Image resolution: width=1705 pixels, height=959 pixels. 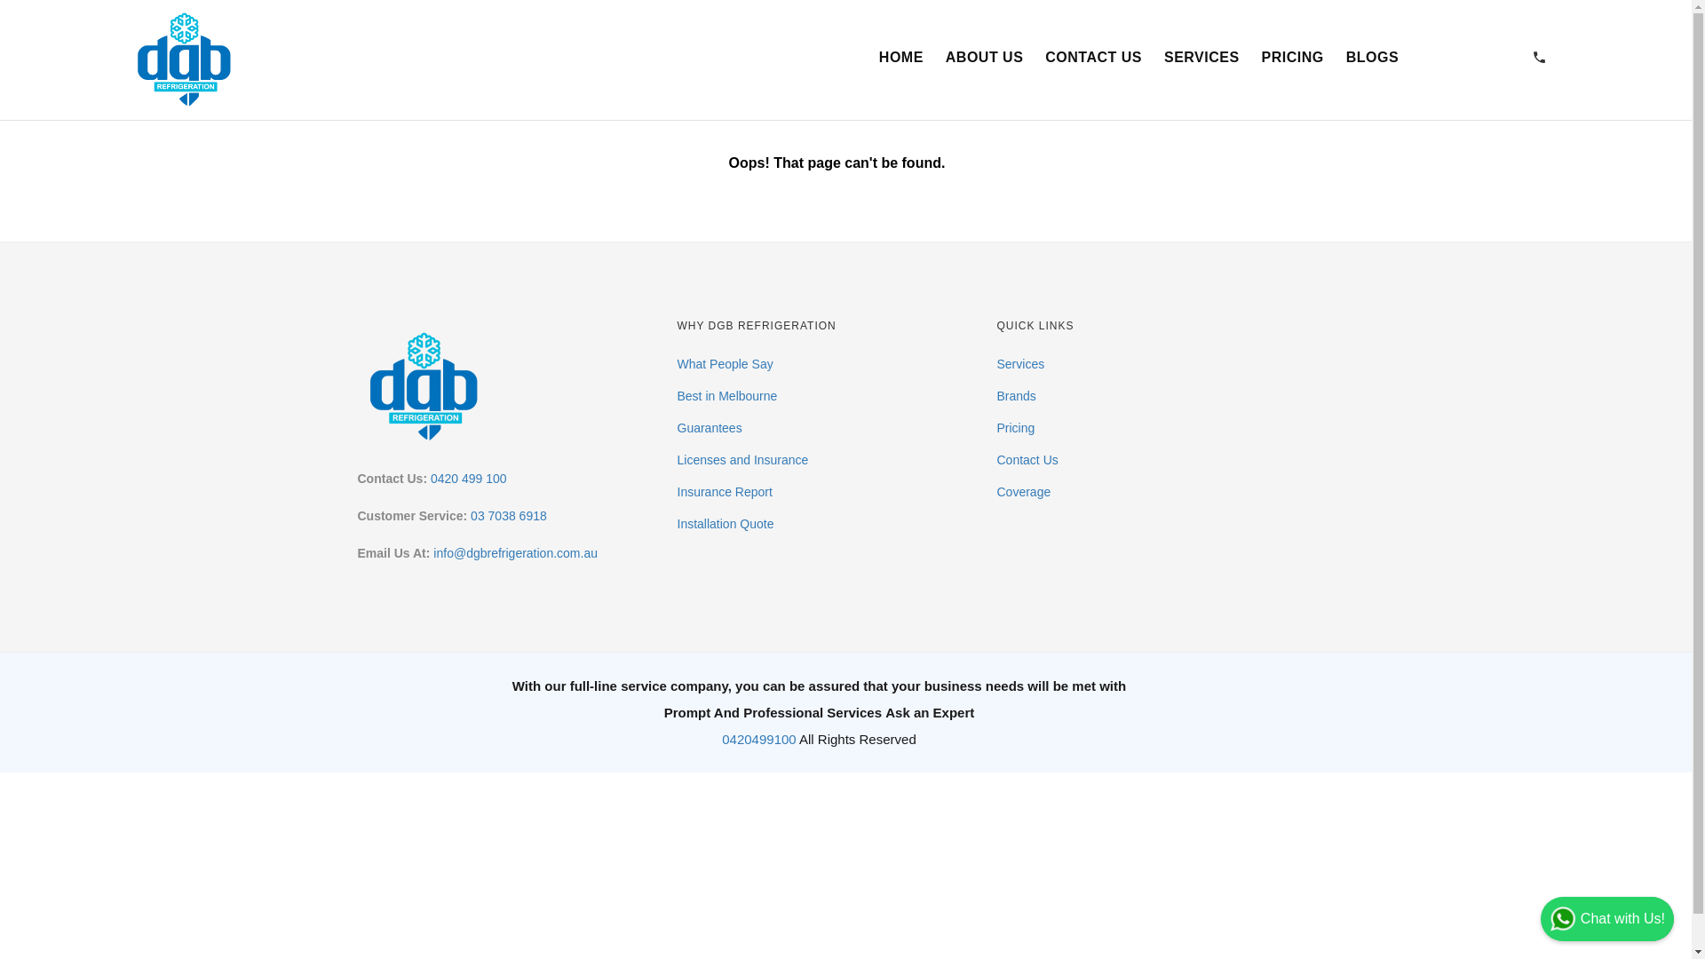 I want to click on 'ABOUT US', so click(x=983, y=57).